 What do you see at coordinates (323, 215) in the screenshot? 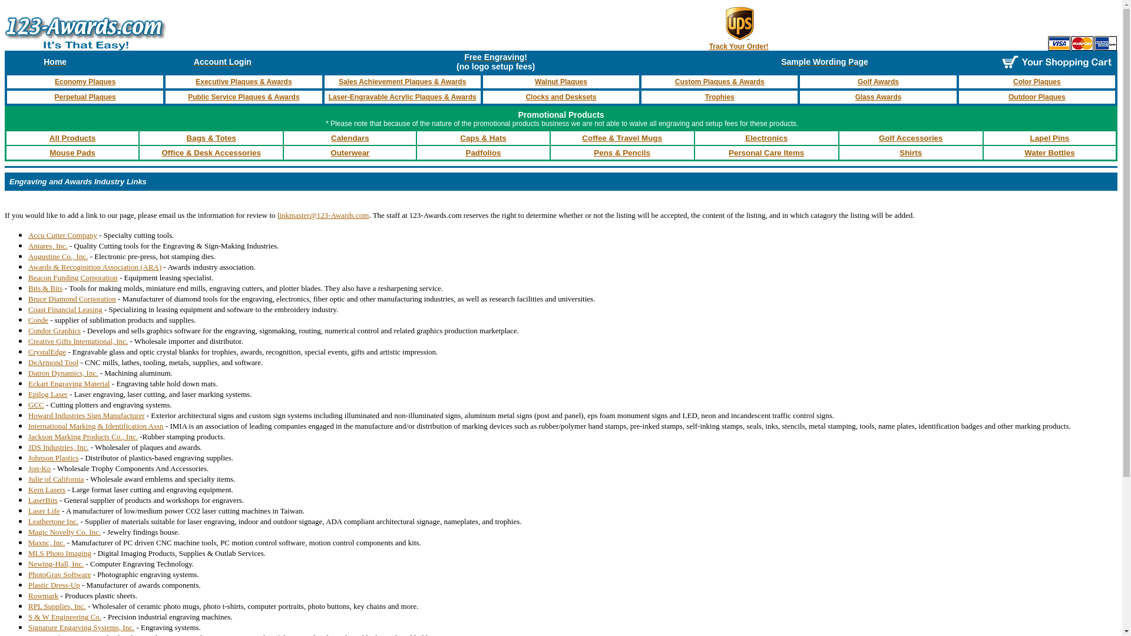
I see `'linkmaster@123-Awards.com'` at bounding box center [323, 215].